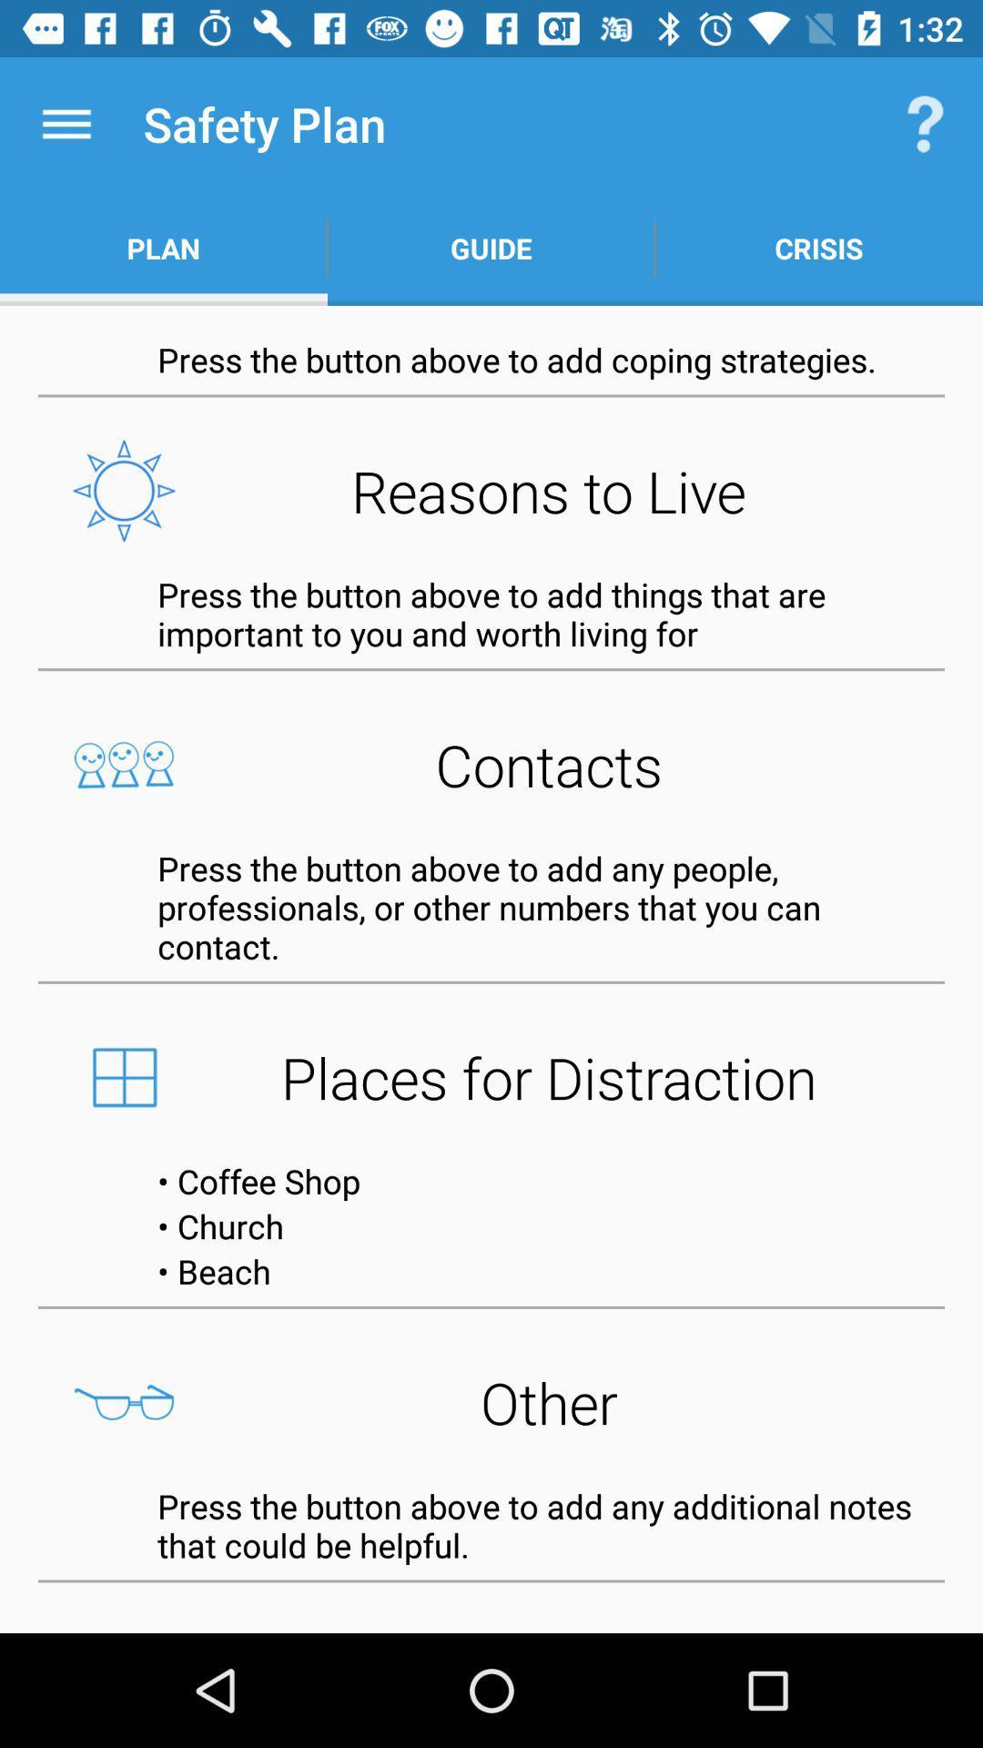 This screenshot has width=983, height=1748. Describe the element at coordinates (817, 248) in the screenshot. I see `crisis item` at that location.